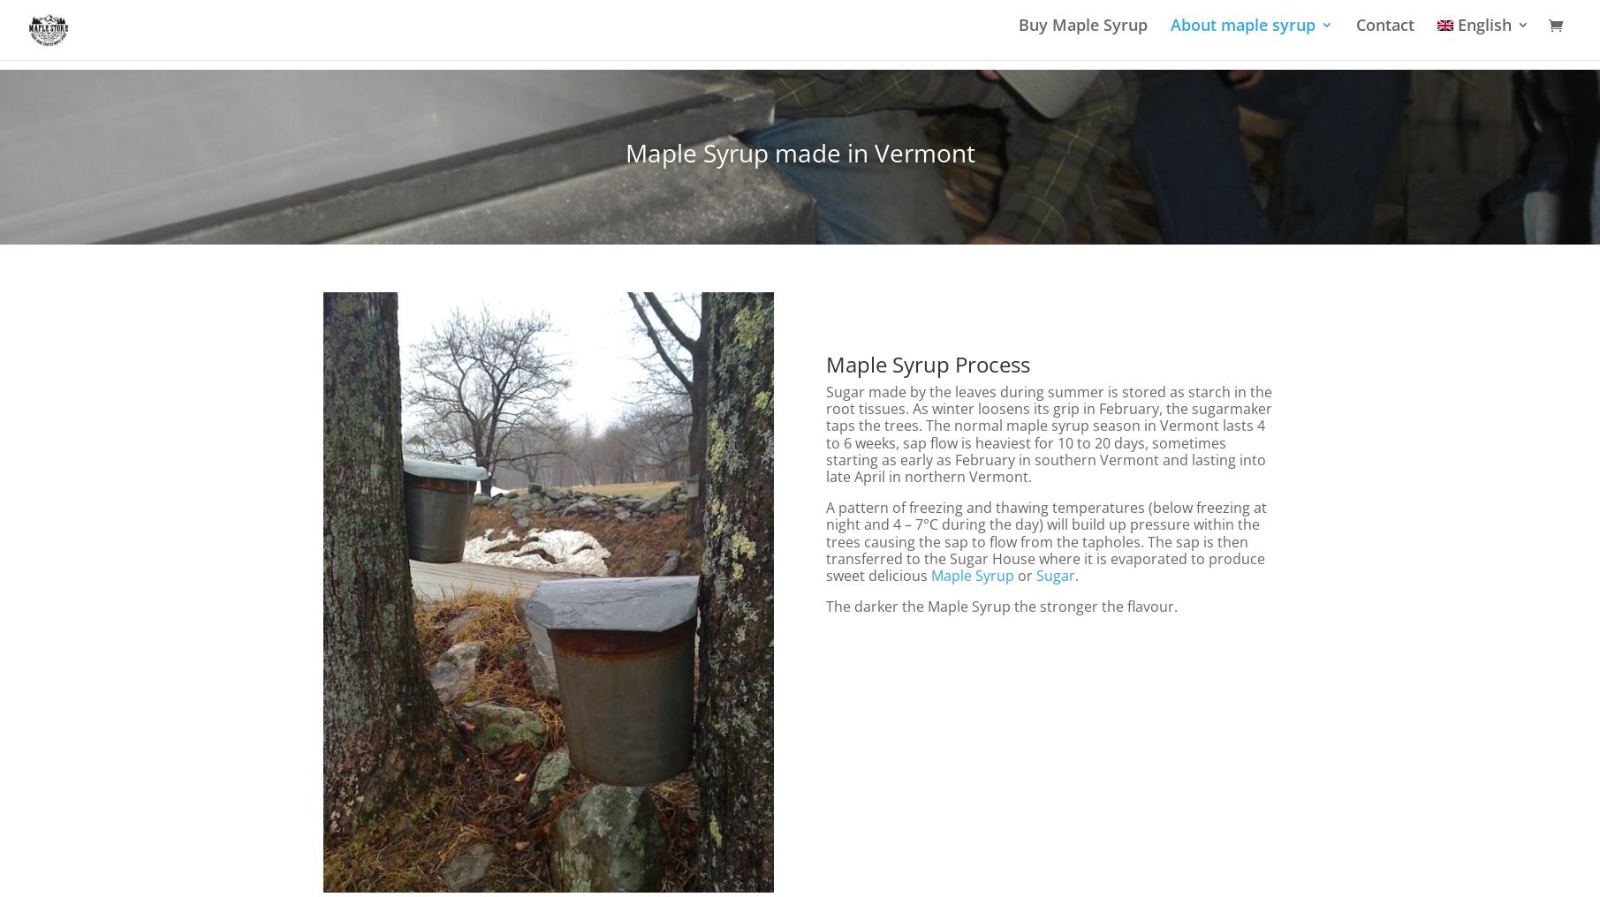 The height and width of the screenshot is (897, 1600). I want to click on 'Buy Maple Syrup', so click(1081, 34).